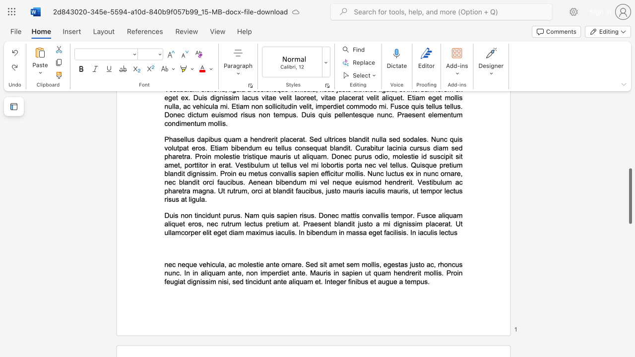 This screenshot has width=635, height=357. What do you see at coordinates (364, 273) in the screenshot?
I see `the subset text "ut quam hendrerit mol" within the text "nec neque vehicula, ac molestie ante ornare. Sed sit amet sem mollis, egestas justo ac, rhoncus nunc. In in aliquam ante, non imperdiet ante. Mauris in sapien ut quam hendrerit mollis. Proin feugiat dignissim nisi, sed tincidunt ante aliquam et. Integer finibus et augue a tempus."` at bounding box center [364, 273].